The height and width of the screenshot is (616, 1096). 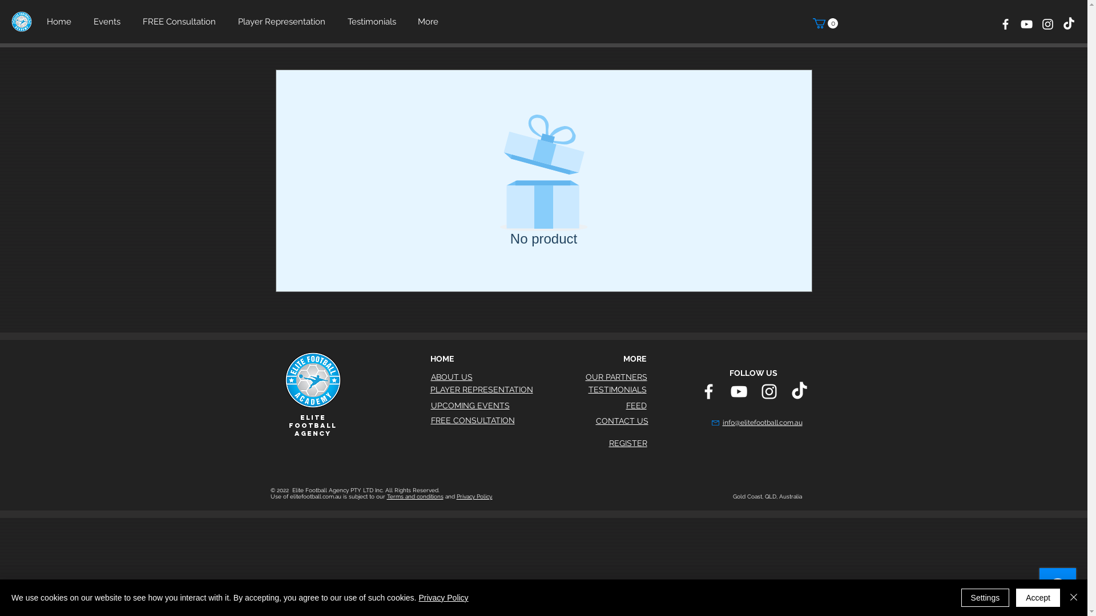 I want to click on 'FEED', so click(x=635, y=404).